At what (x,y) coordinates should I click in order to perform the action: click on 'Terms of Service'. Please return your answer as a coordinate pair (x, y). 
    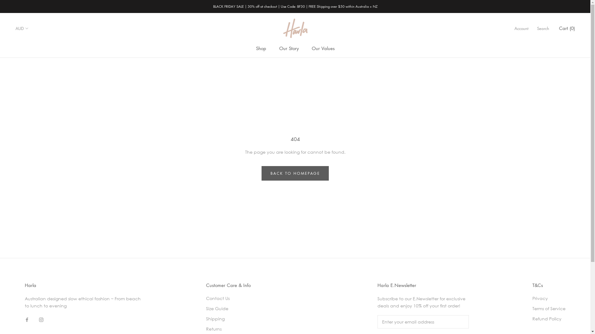
    Looking at the image, I should click on (549, 308).